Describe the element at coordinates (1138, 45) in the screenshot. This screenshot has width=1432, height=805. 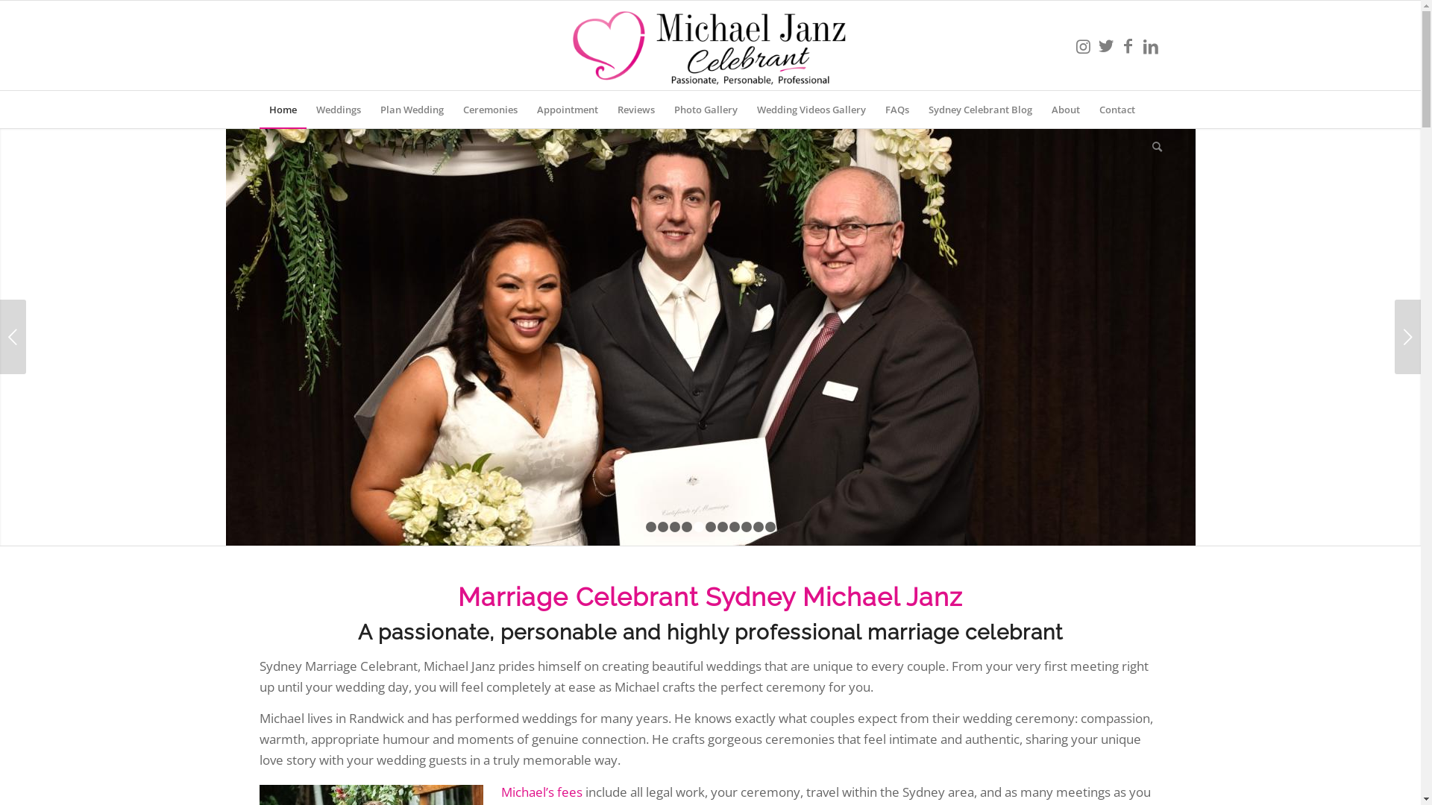
I see `'LinkedIn'` at that location.